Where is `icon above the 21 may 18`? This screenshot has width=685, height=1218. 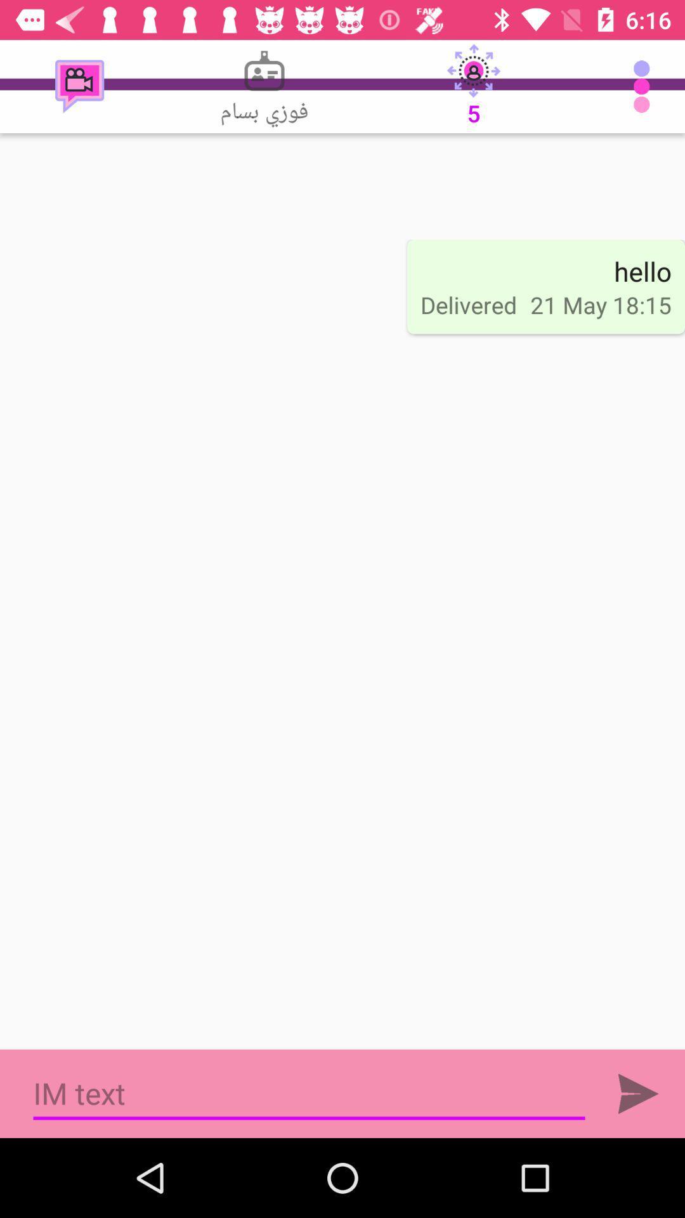 icon above the 21 may 18 is located at coordinates (643, 270).